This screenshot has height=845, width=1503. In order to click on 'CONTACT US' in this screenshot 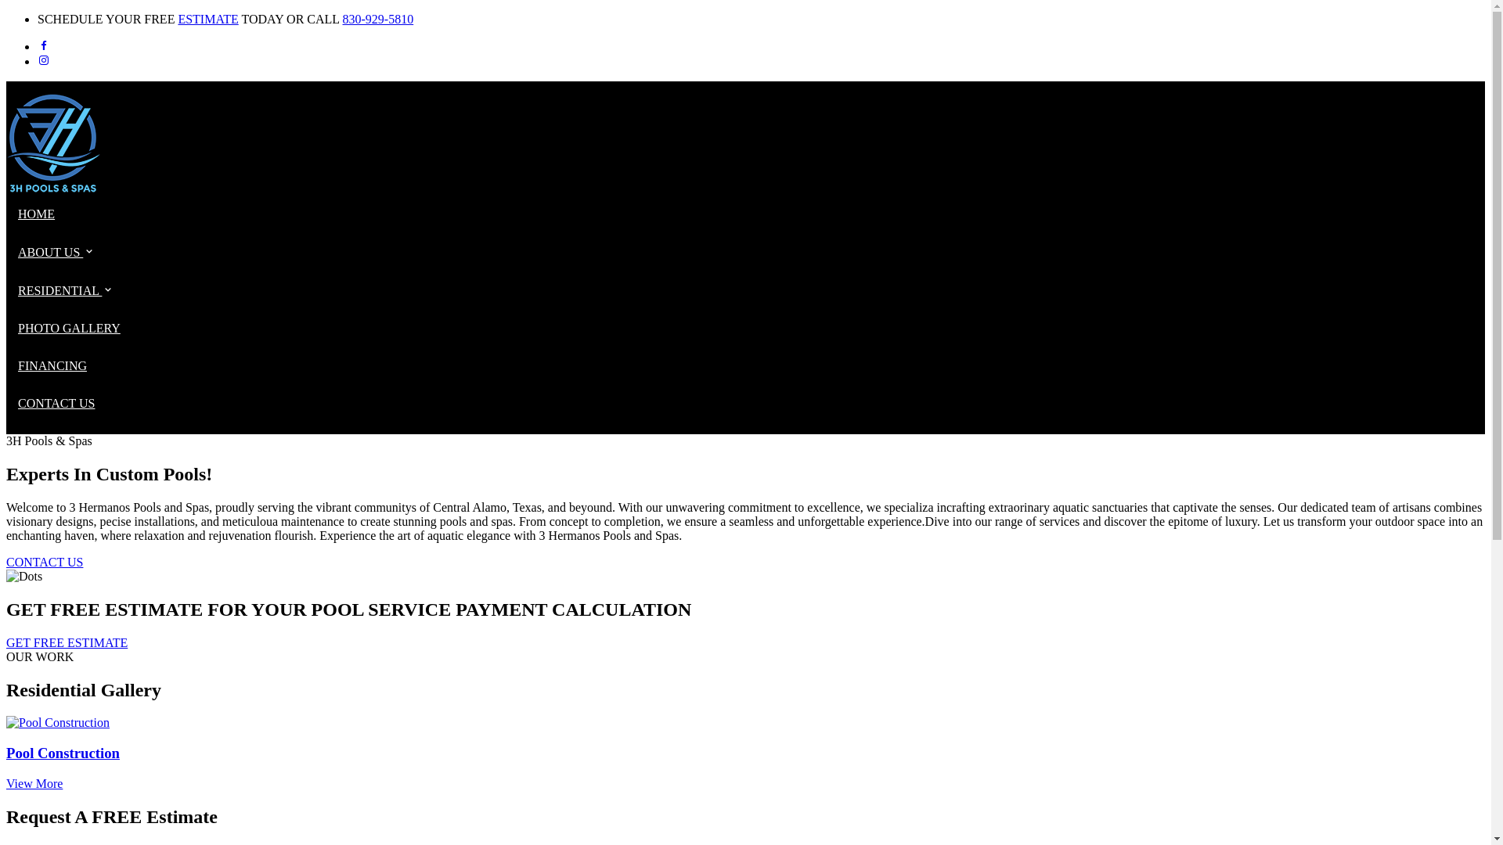, I will do `click(56, 402)`.